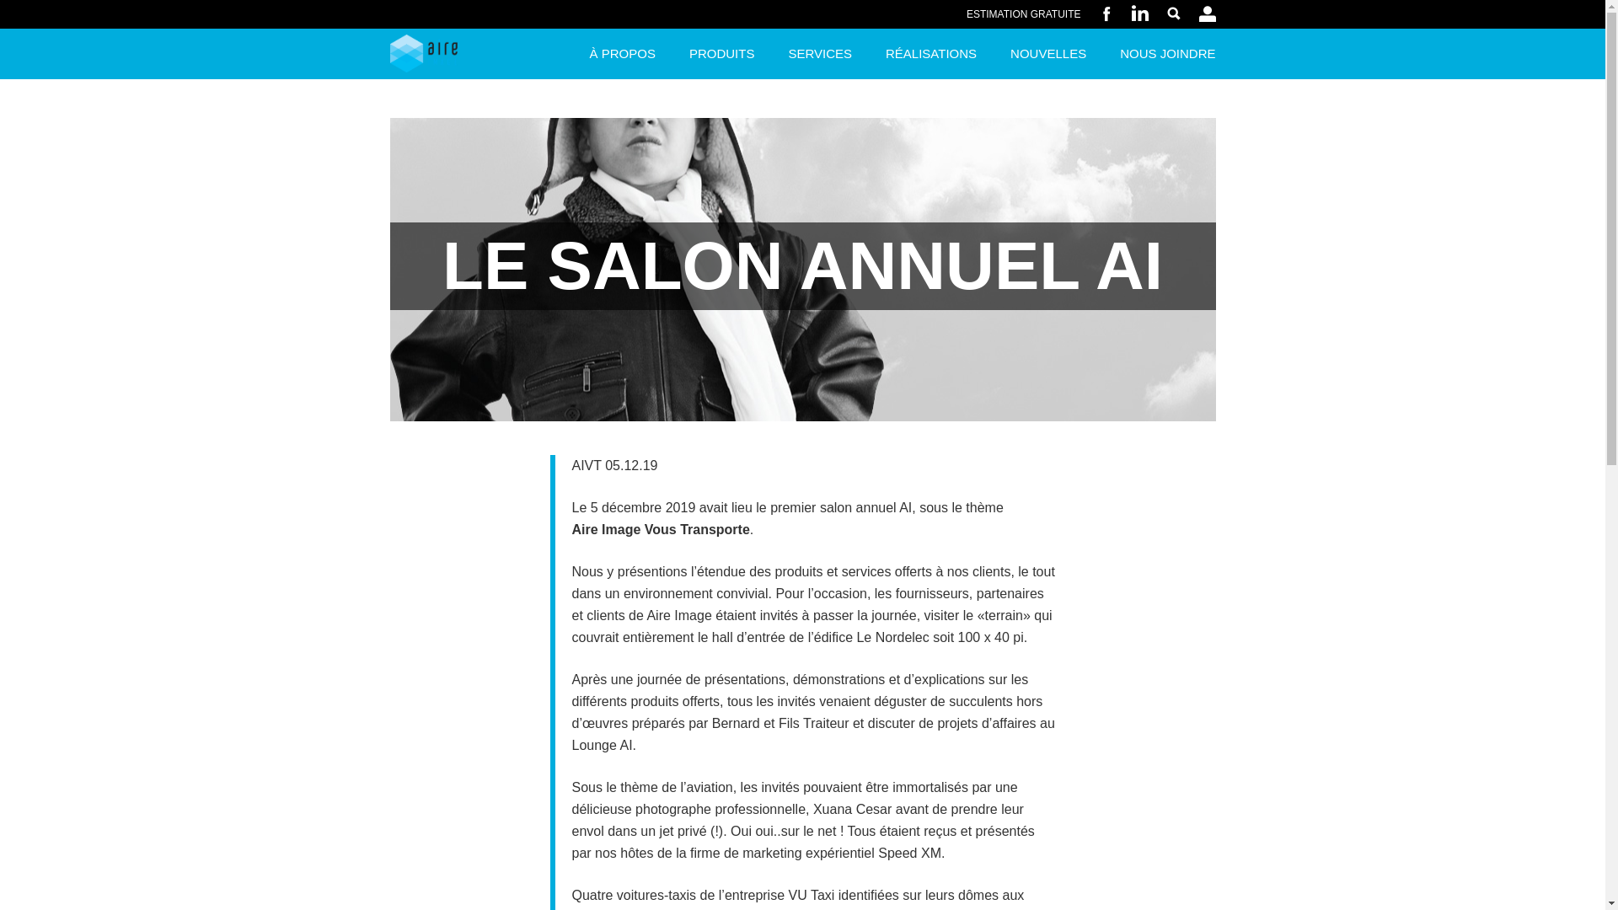 This screenshot has height=910, width=1618. What do you see at coordinates (1139, 13) in the screenshot?
I see `'LINKEDIN'` at bounding box center [1139, 13].